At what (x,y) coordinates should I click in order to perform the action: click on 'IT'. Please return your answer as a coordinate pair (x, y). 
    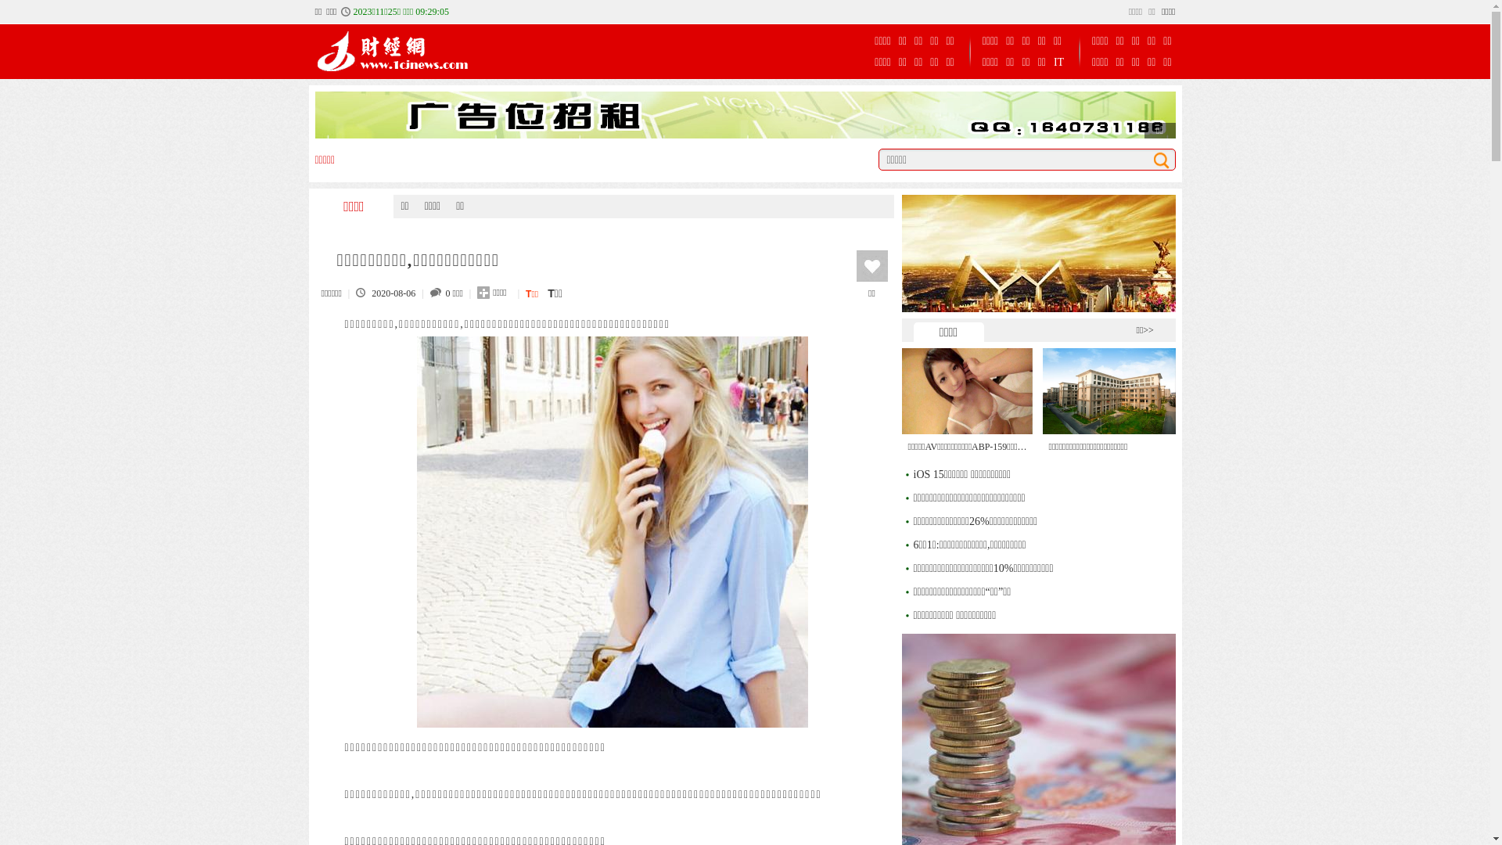
    Looking at the image, I should click on (1054, 61).